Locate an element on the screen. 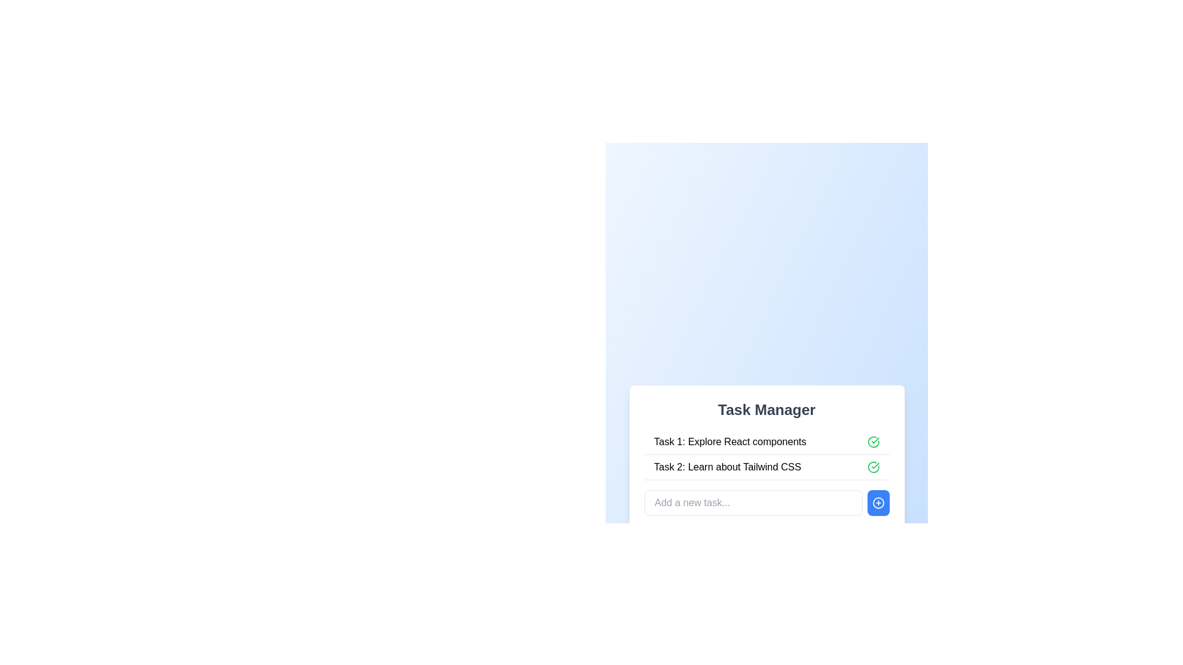 Image resolution: width=1183 pixels, height=665 pixels. the green Status indicator icon for 'Task 2: Learn about Tailwind CSS' is located at coordinates (872, 467).